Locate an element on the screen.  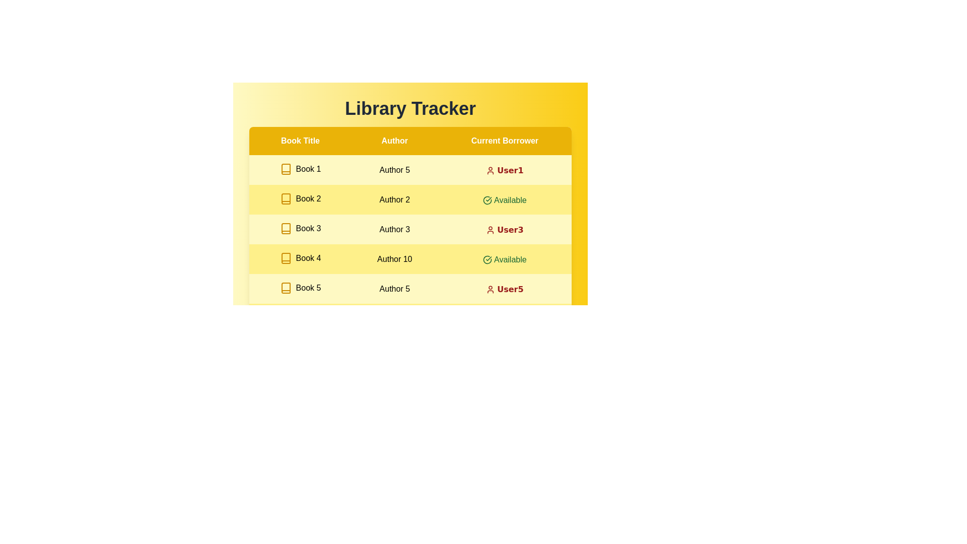
the icon for user of Book 1 to access additional information is located at coordinates (491, 170).